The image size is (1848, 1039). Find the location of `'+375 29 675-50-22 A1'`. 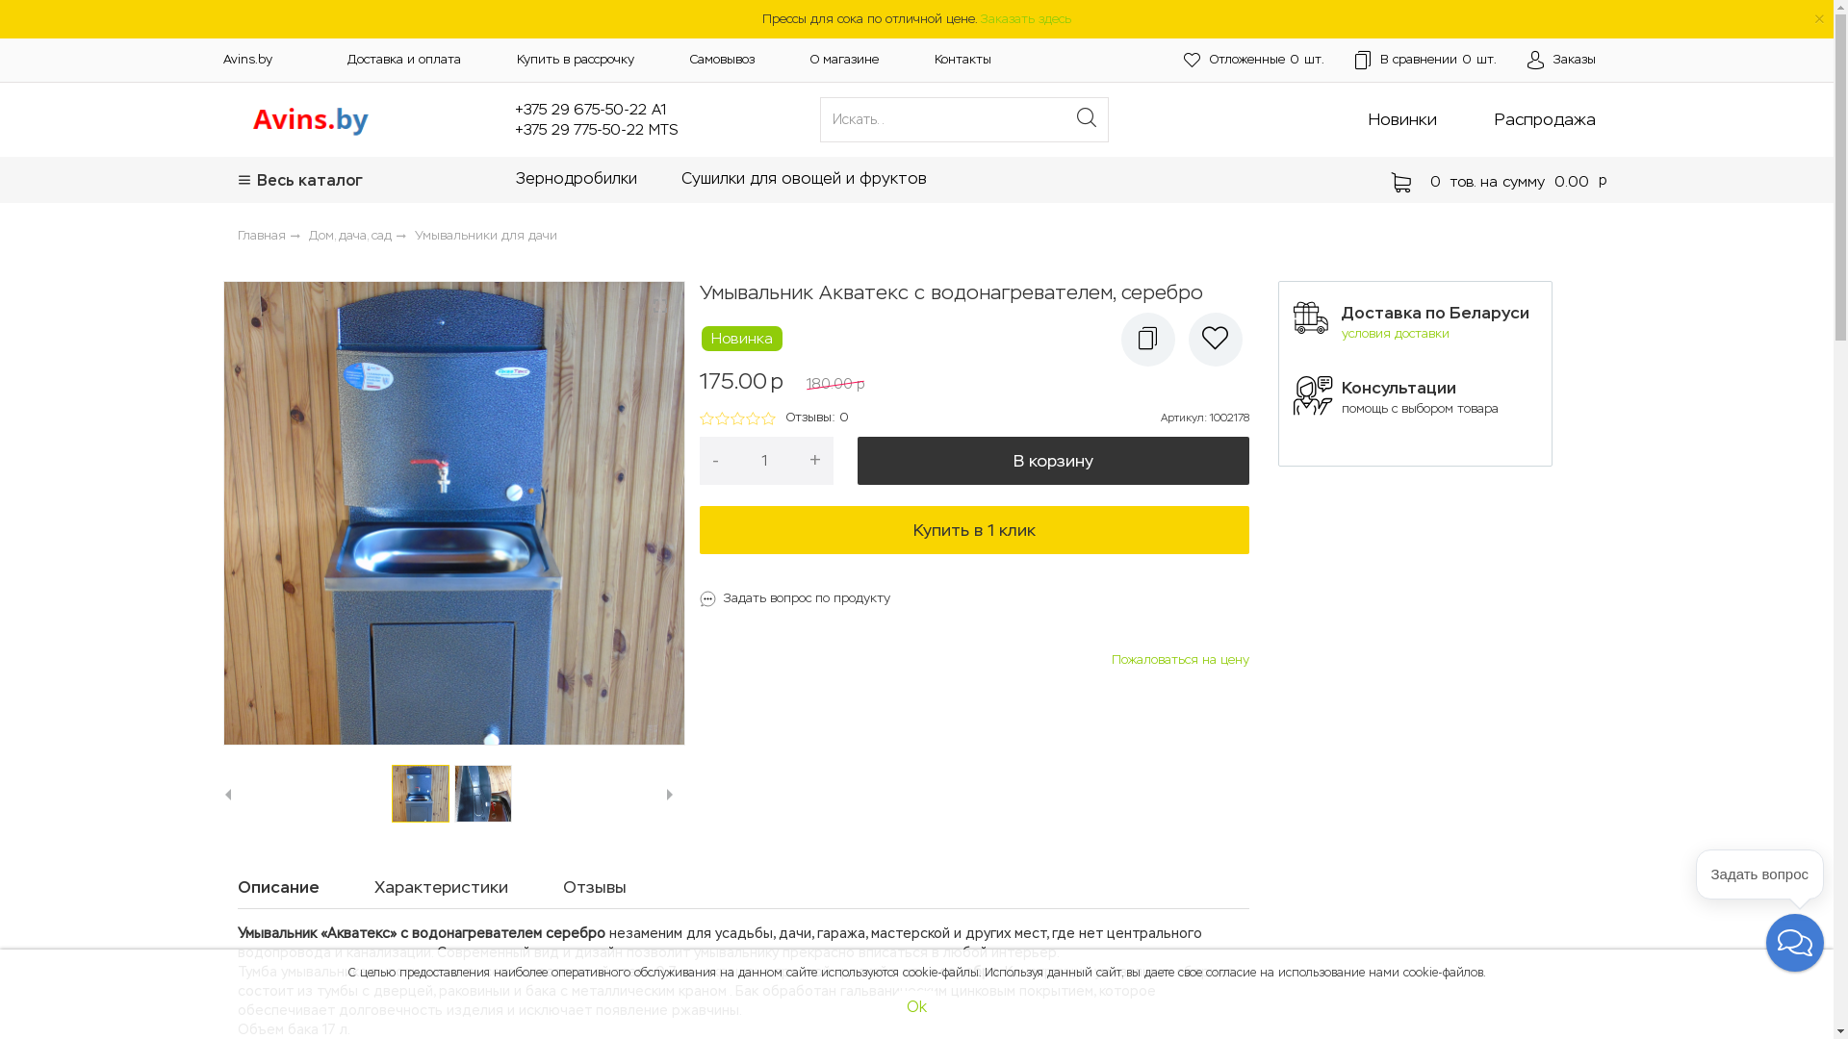

'+375 29 675-50-22 A1' is located at coordinates (589, 109).